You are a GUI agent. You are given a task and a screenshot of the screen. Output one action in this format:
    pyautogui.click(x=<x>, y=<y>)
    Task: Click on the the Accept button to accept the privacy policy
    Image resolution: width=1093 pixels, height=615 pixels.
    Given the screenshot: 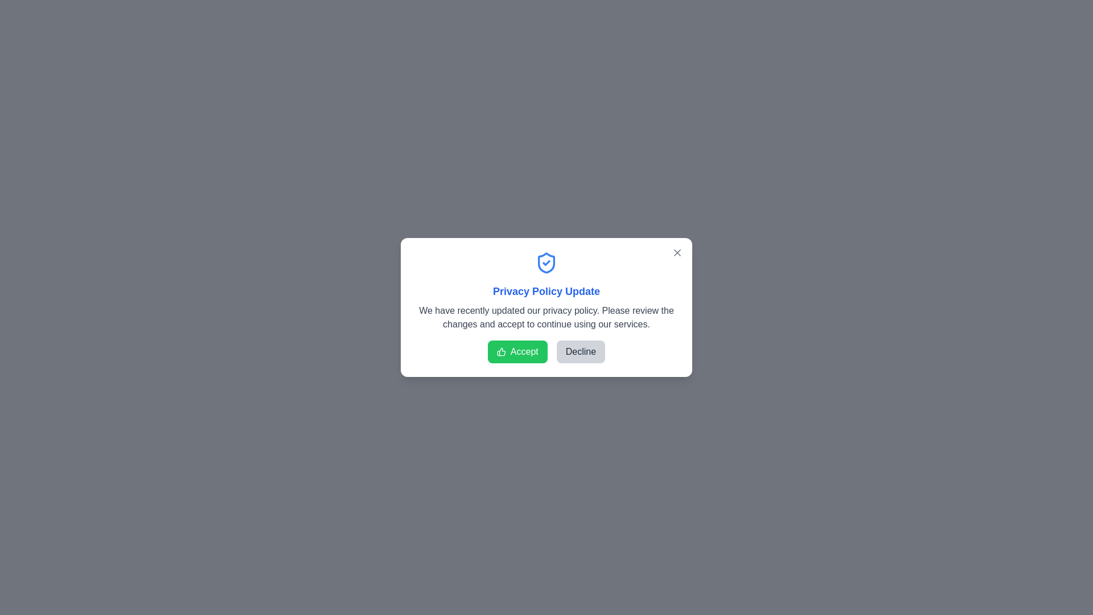 What is the action you would take?
    pyautogui.click(x=516, y=351)
    